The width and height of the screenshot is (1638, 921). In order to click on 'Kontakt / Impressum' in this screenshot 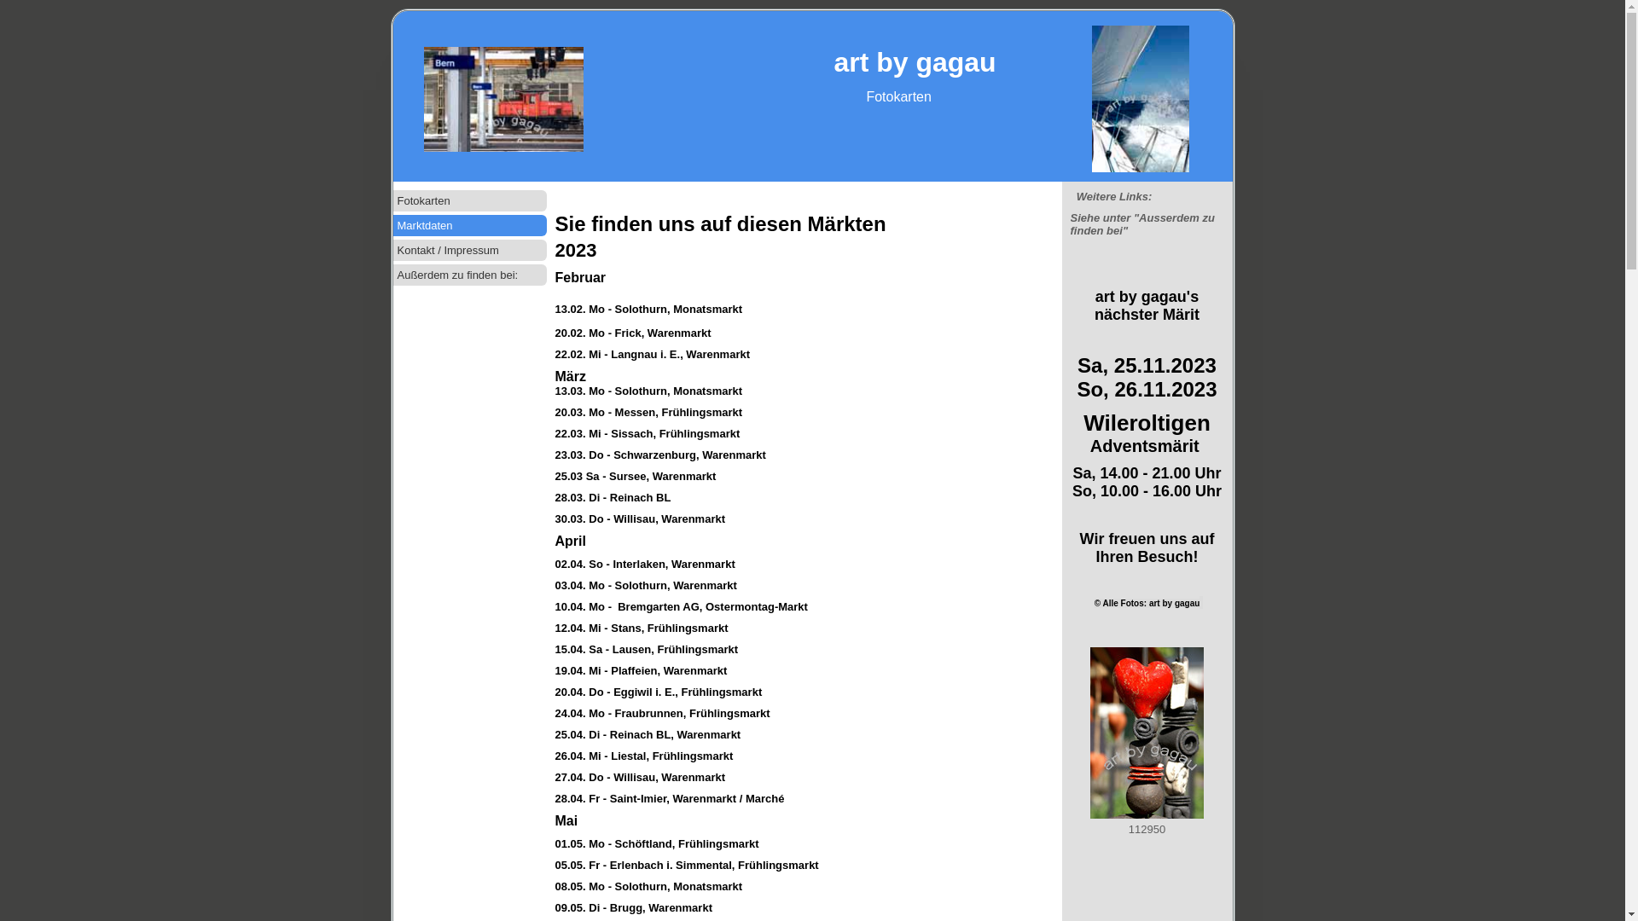, I will do `click(392, 250)`.